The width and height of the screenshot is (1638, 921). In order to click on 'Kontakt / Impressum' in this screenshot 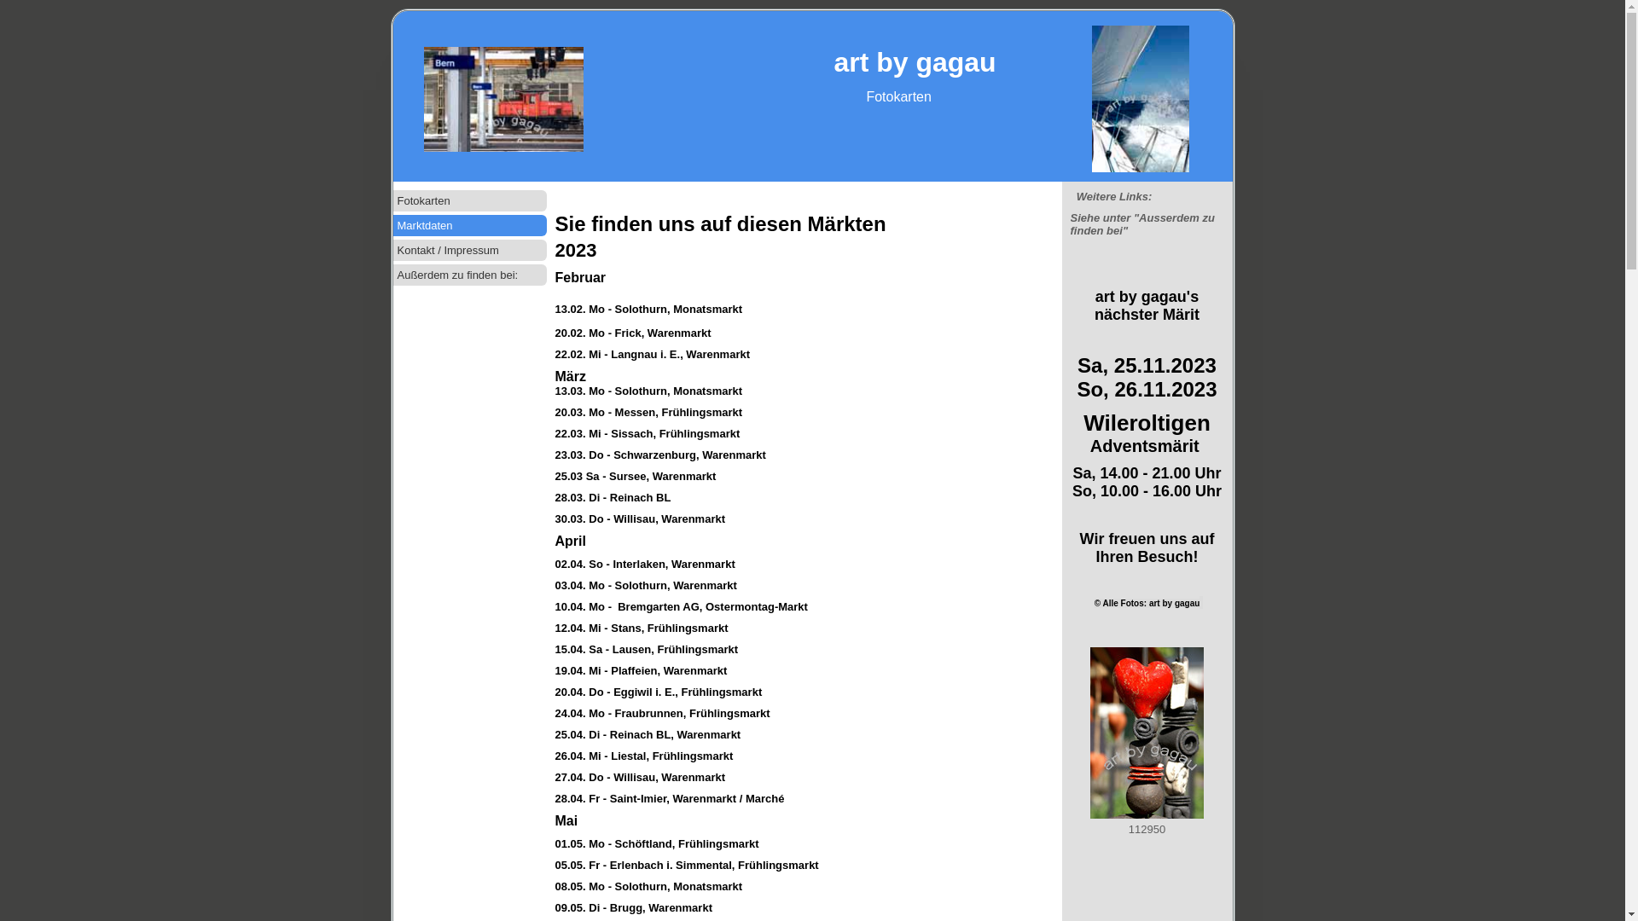, I will do `click(392, 250)`.